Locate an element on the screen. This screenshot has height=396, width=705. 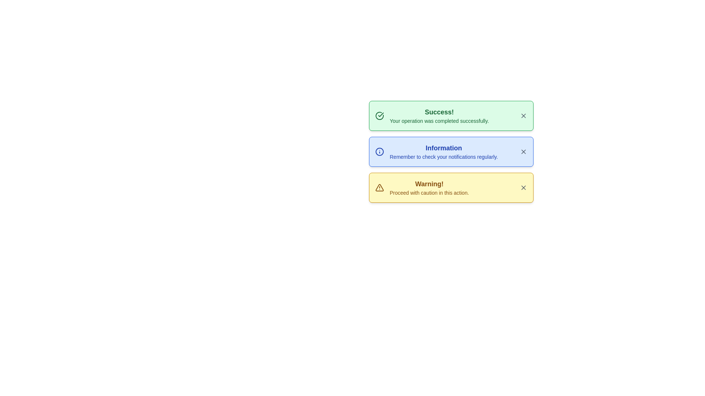
the circular boundary of the information icon located to the left of the 'Information' label is located at coordinates (379, 151).